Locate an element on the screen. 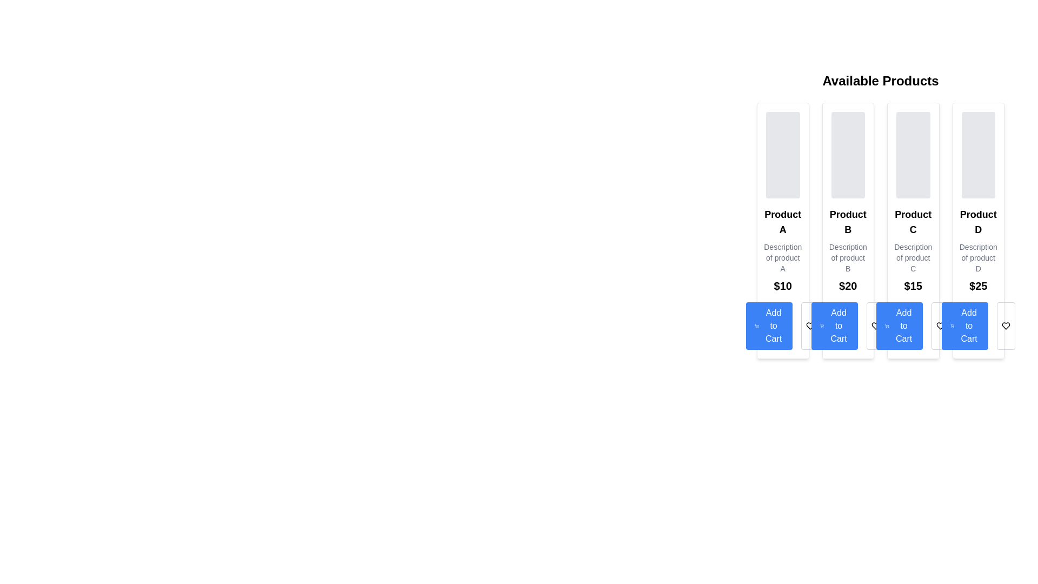 This screenshot has width=1038, height=584. the 'Add to Cart' button for 'Product D' is located at coordinates (978, 325).